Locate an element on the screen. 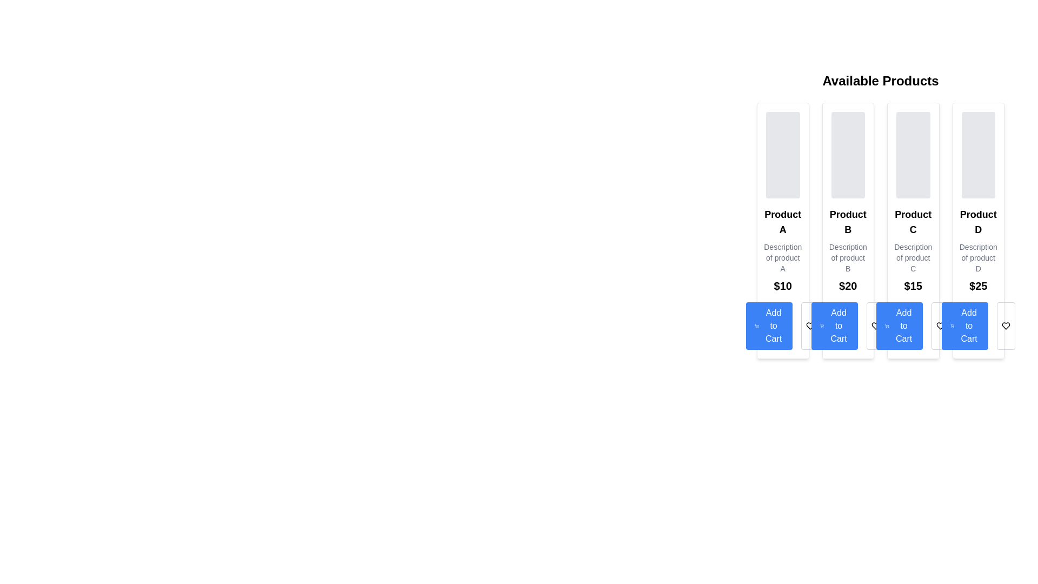 This screenshot has width=1038, height=584. the 'Add to Cart' button for 'Product D' is located at coordinates (978, 325).